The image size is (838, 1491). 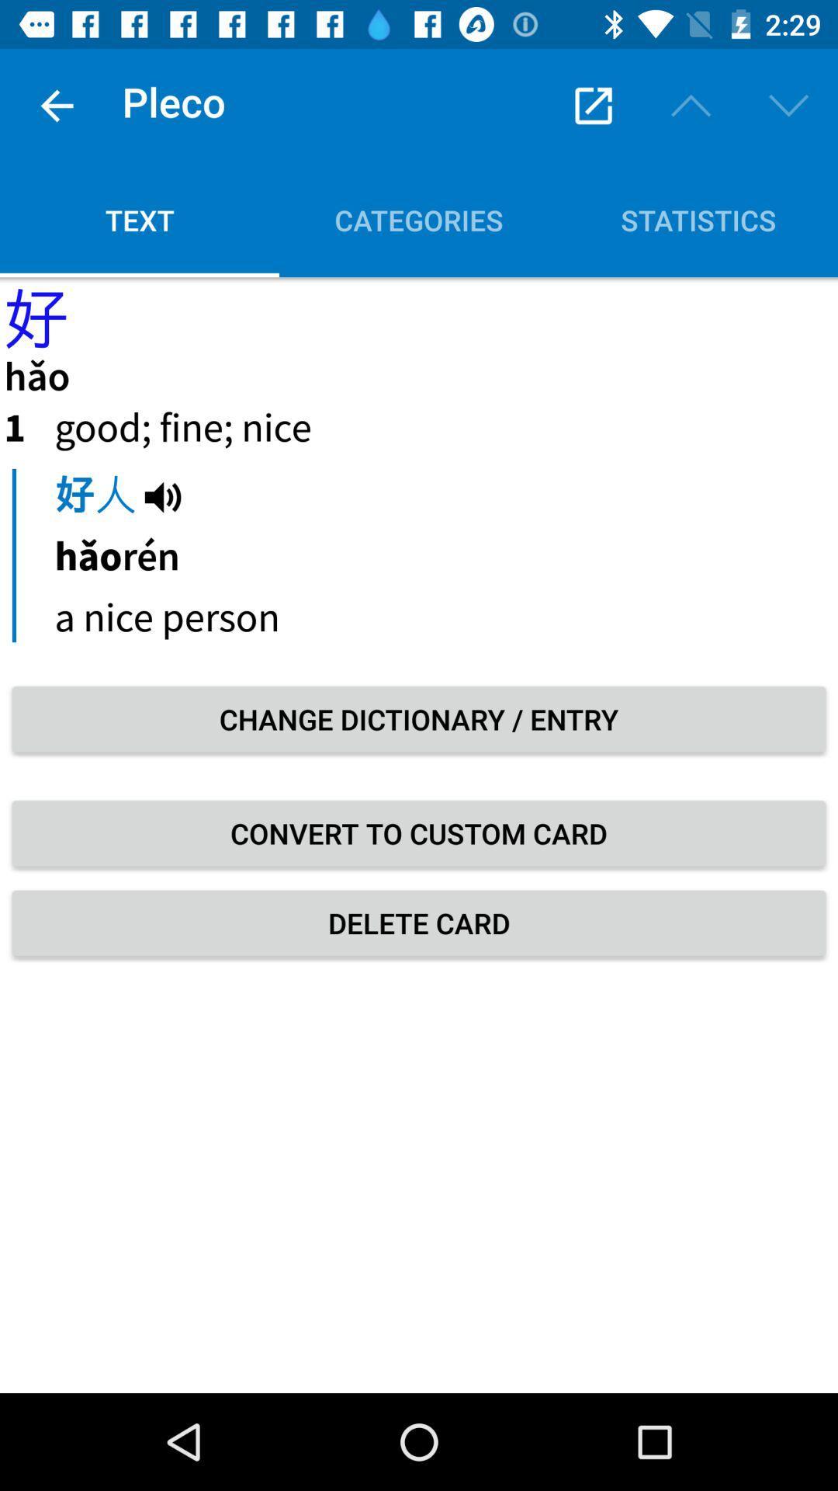 What do you see at coordinates (789, 106) in the screenshot?
I see `the down arrow which is below 229` at bounding box center [789, 106].